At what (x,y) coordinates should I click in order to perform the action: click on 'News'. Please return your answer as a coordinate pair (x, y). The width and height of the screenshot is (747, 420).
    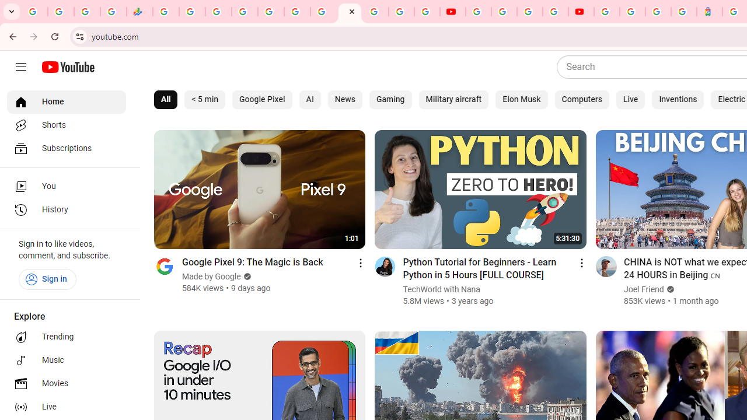
    Looking at the image, I should click on (344, 99).